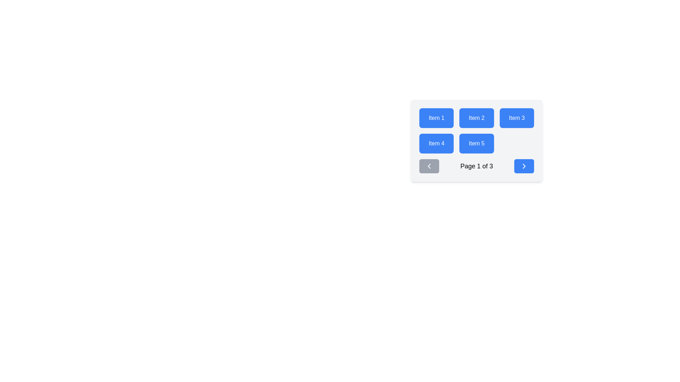 This screenshot has width=680, height=382. I want to click on the button located at the third position in the first row of a grid layout, bordered by 'Item 2' on the left, so click(517, 118).